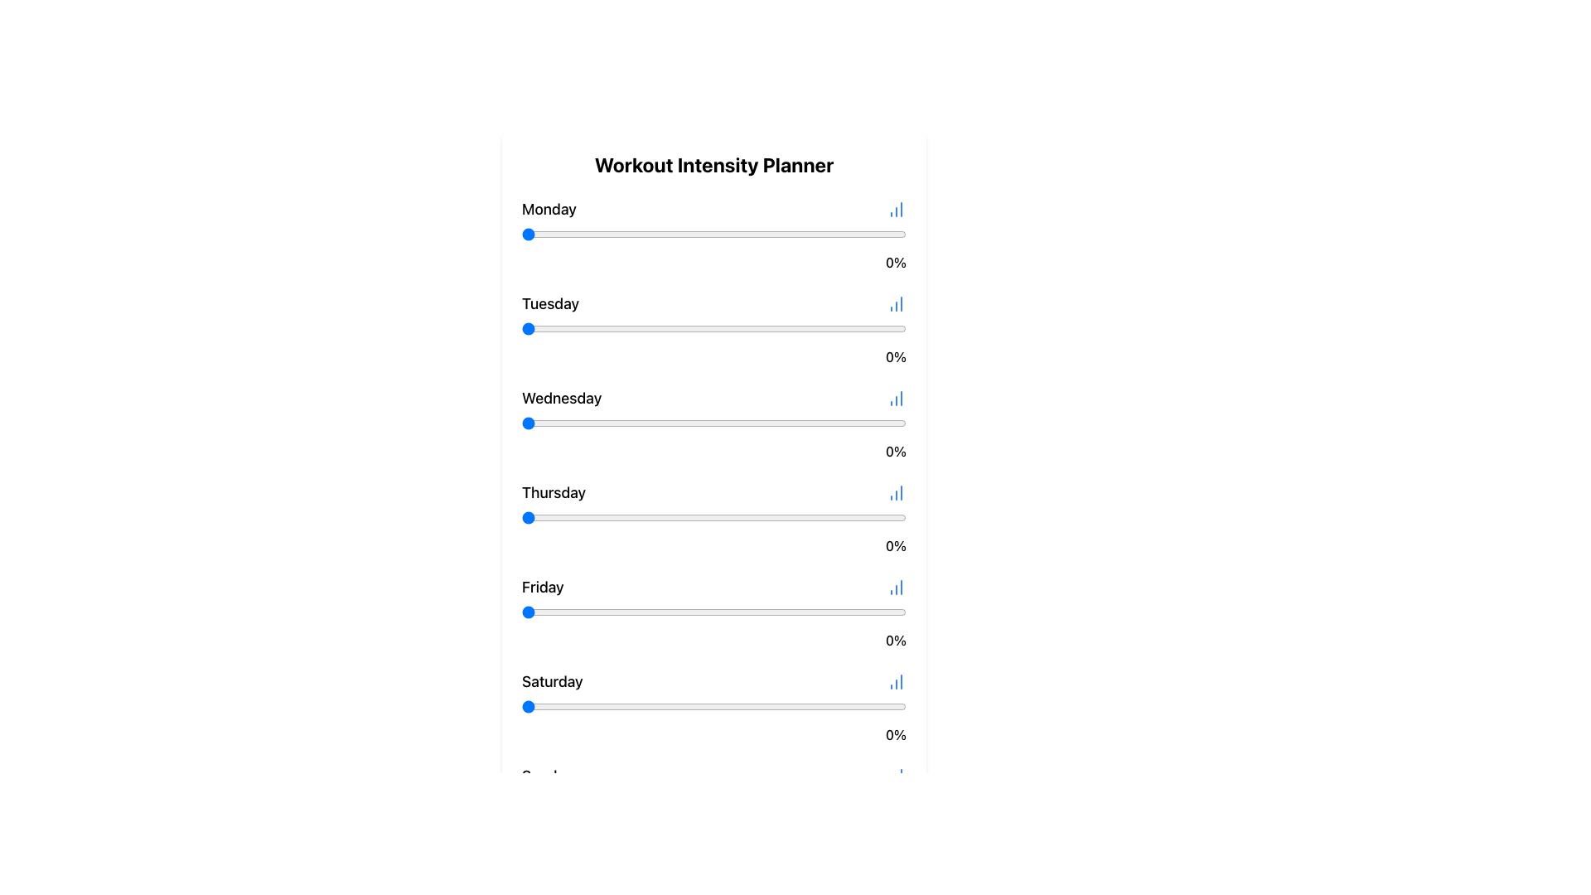 This screenshot has width=1591, height=895. What do you see at coordinates (714, 399) in the screenshot?
I see `the bar chart icon adjacent to the 'Wednesday' text in the weekly planner interface for additional data` at bounding box center [714, 399].